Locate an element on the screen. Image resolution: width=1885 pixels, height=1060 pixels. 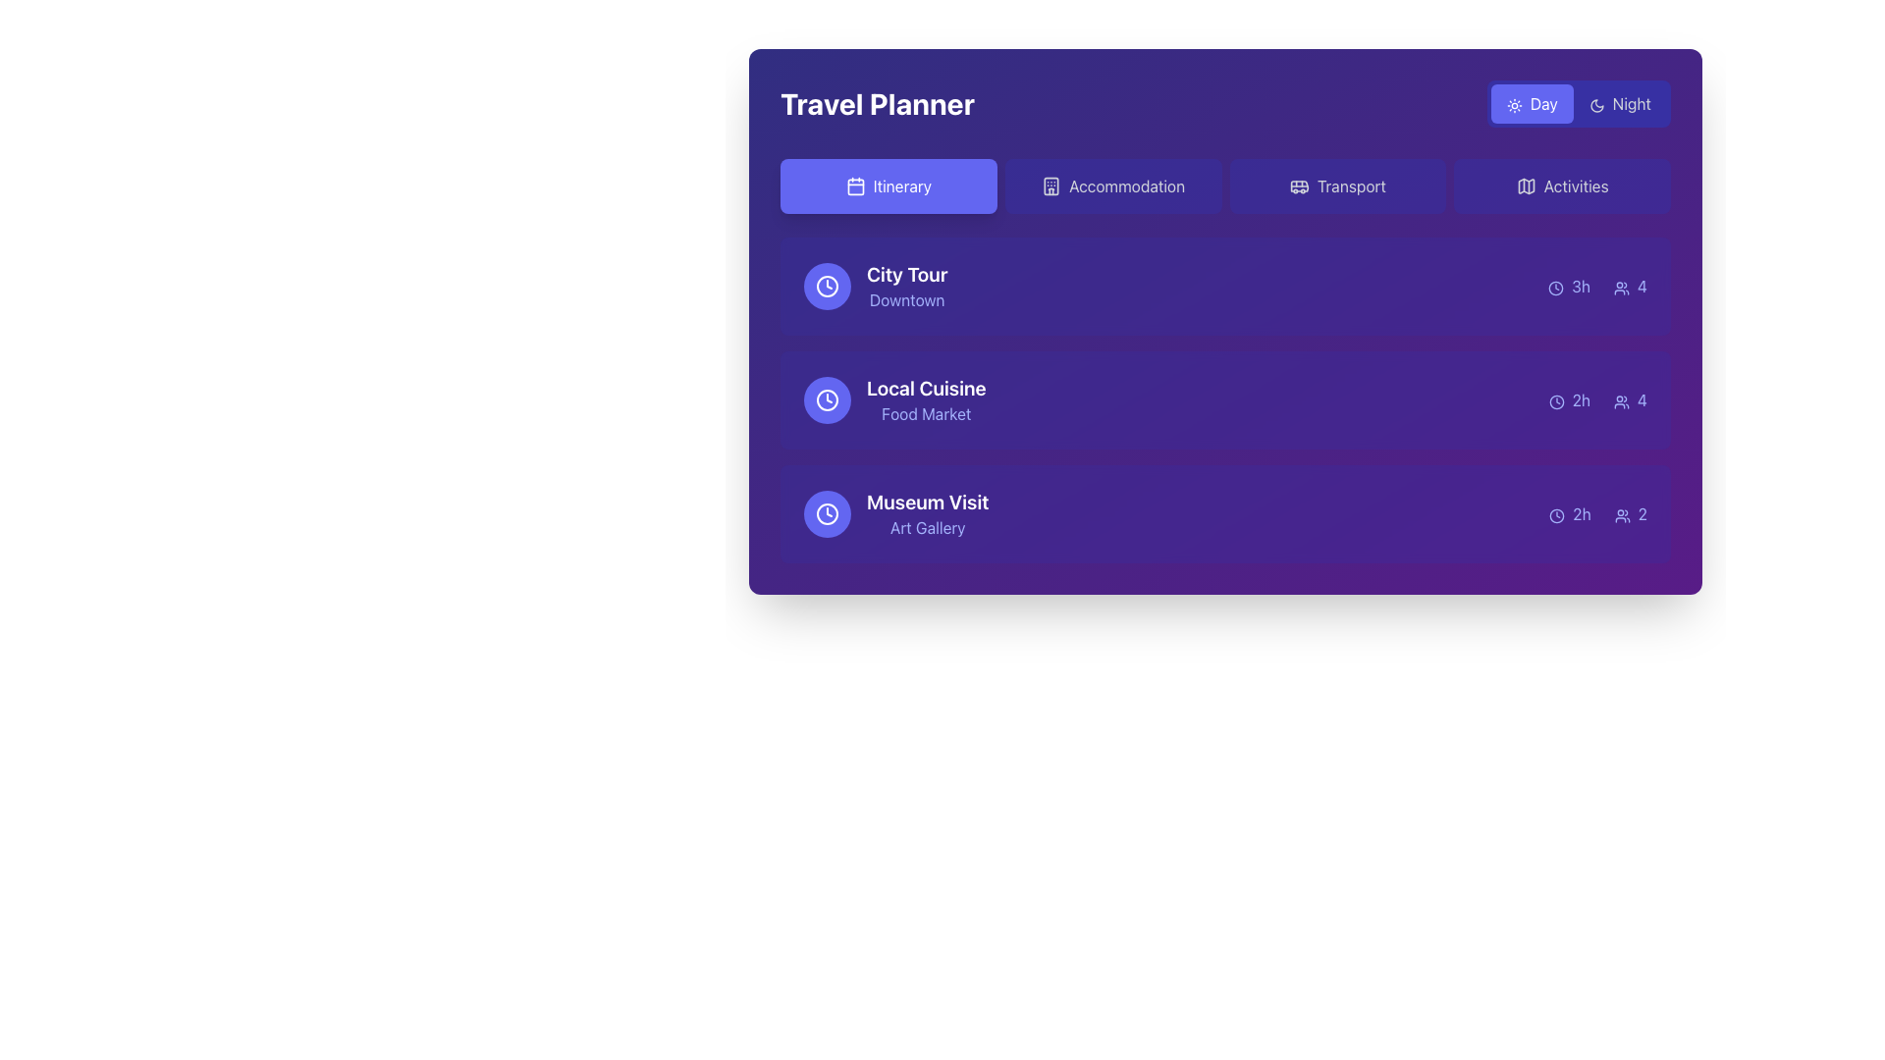
the Duration indicator element that features a clock icon and the text '3h', located to the left of the user count icon and text '4' within the travel planner interface under the 'Itinerary' tab is located at coordinates (1568, 287).